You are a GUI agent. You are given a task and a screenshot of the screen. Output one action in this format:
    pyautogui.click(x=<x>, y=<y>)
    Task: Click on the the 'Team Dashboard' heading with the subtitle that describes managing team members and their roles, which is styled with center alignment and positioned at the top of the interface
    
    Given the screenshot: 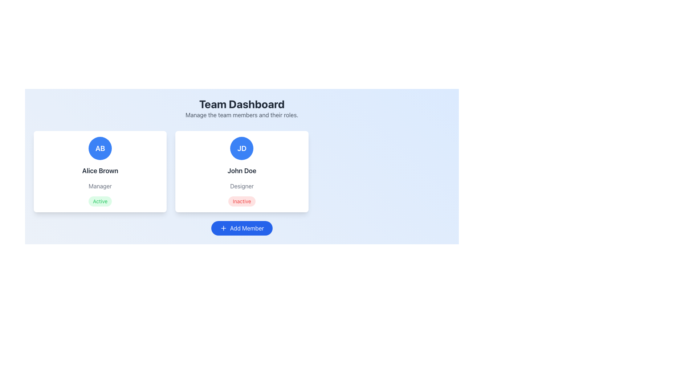 What is the action you would take?
    pyautogui.click(x=242, y=109)
    